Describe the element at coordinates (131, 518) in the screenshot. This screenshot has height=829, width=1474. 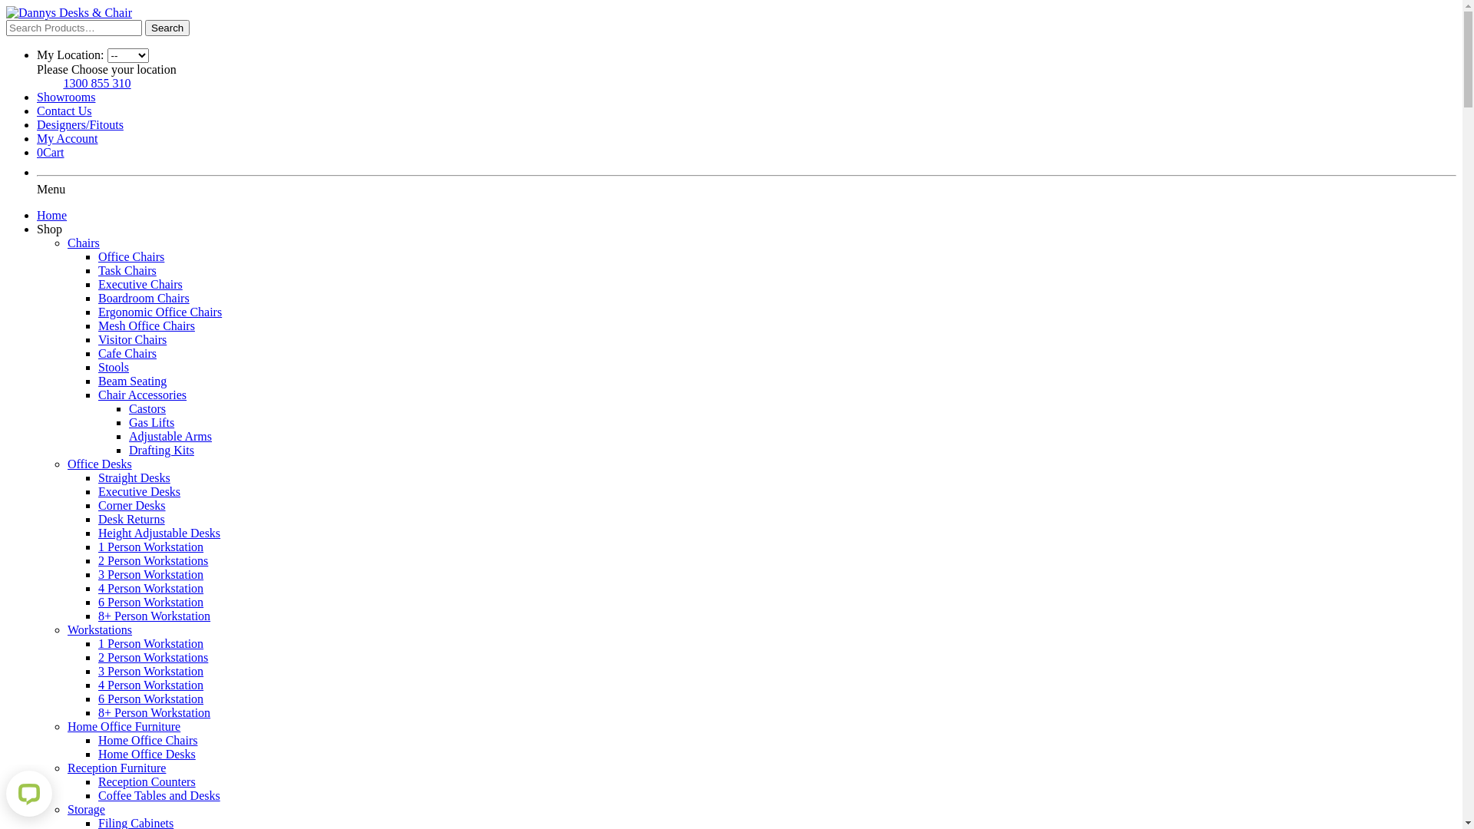
I see `'Desk Returns'` at that location.